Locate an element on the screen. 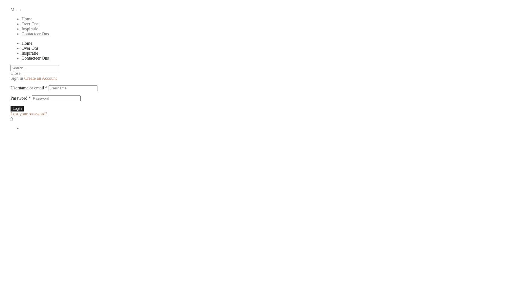 Image resolution: width=530 pixels, height=298 pixels. 'Create an Account' is located at coordinates (24, 78).